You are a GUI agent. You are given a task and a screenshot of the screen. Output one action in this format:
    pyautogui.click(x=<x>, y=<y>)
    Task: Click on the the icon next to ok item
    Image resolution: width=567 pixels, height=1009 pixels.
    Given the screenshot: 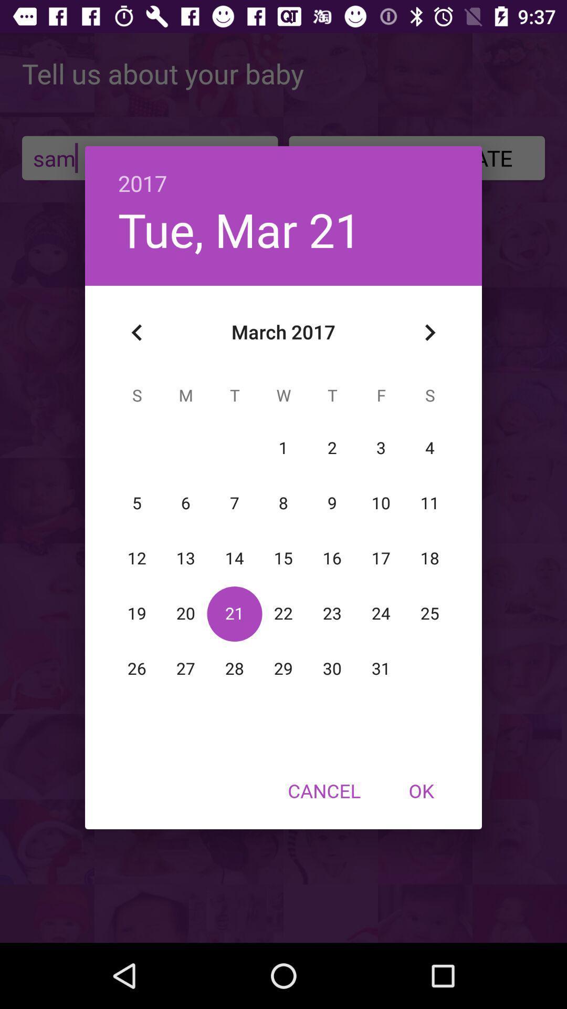 What is the action you would take?
    pyautogui.click(x=323, y=790)
    